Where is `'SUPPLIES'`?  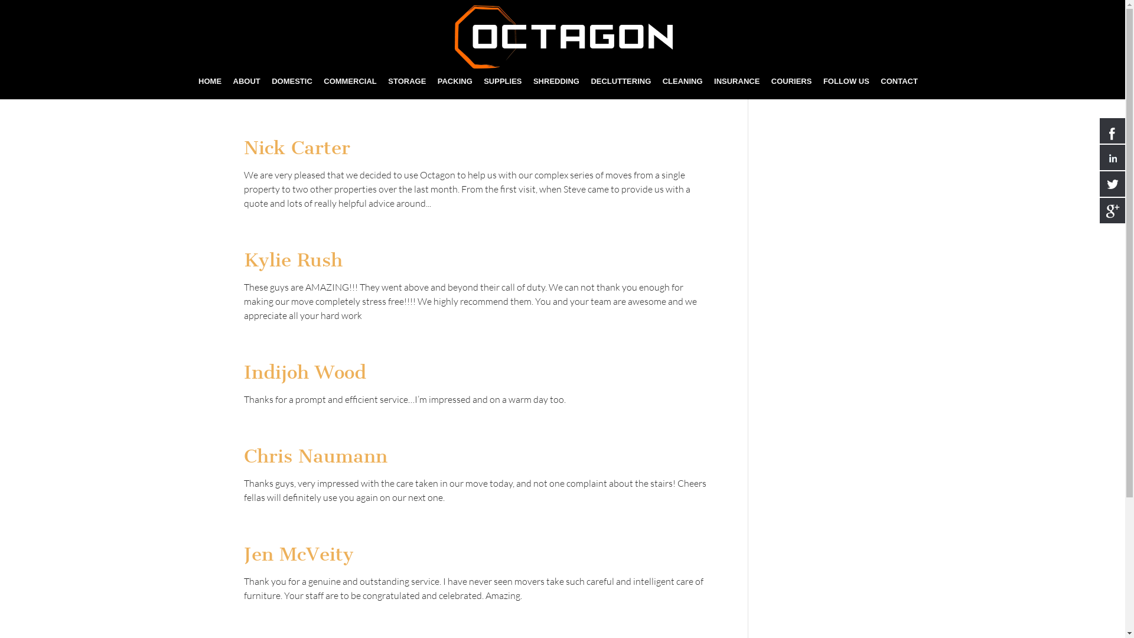
'SUPPLIES' is located at coordinates (484, 87).